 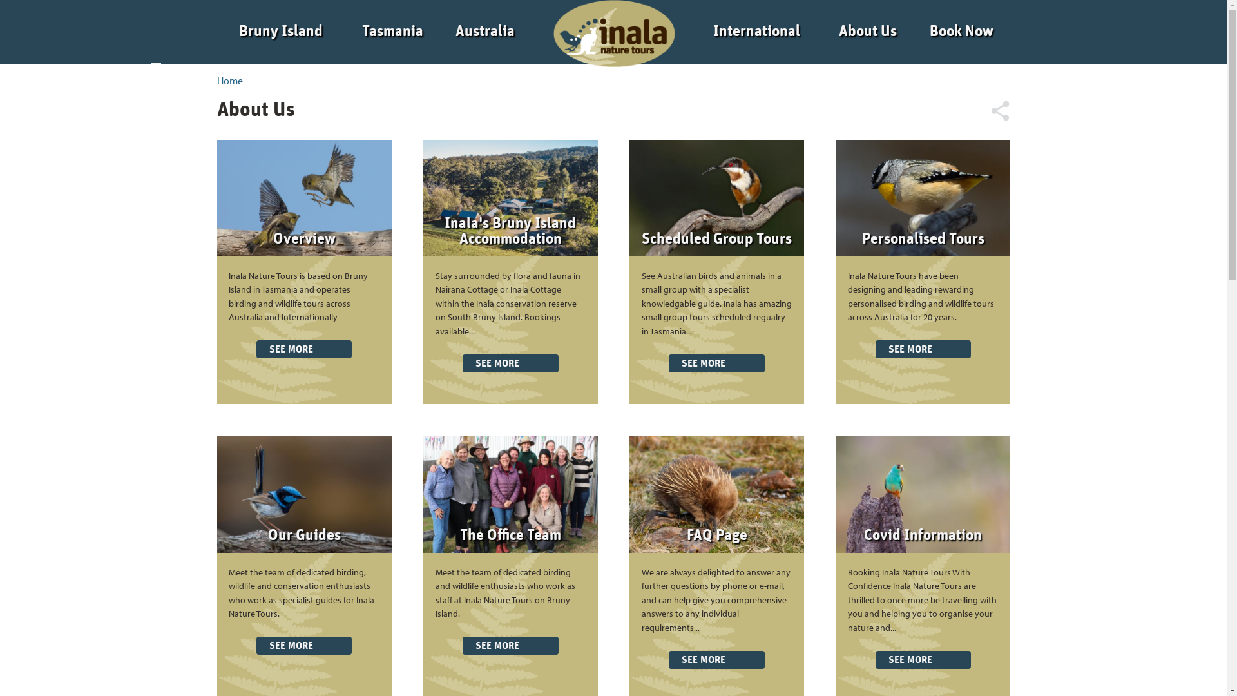 What do you see at coordinates (609, 31) in the screenshot?
I see `'Logo'` at bounding box center [609, 31].